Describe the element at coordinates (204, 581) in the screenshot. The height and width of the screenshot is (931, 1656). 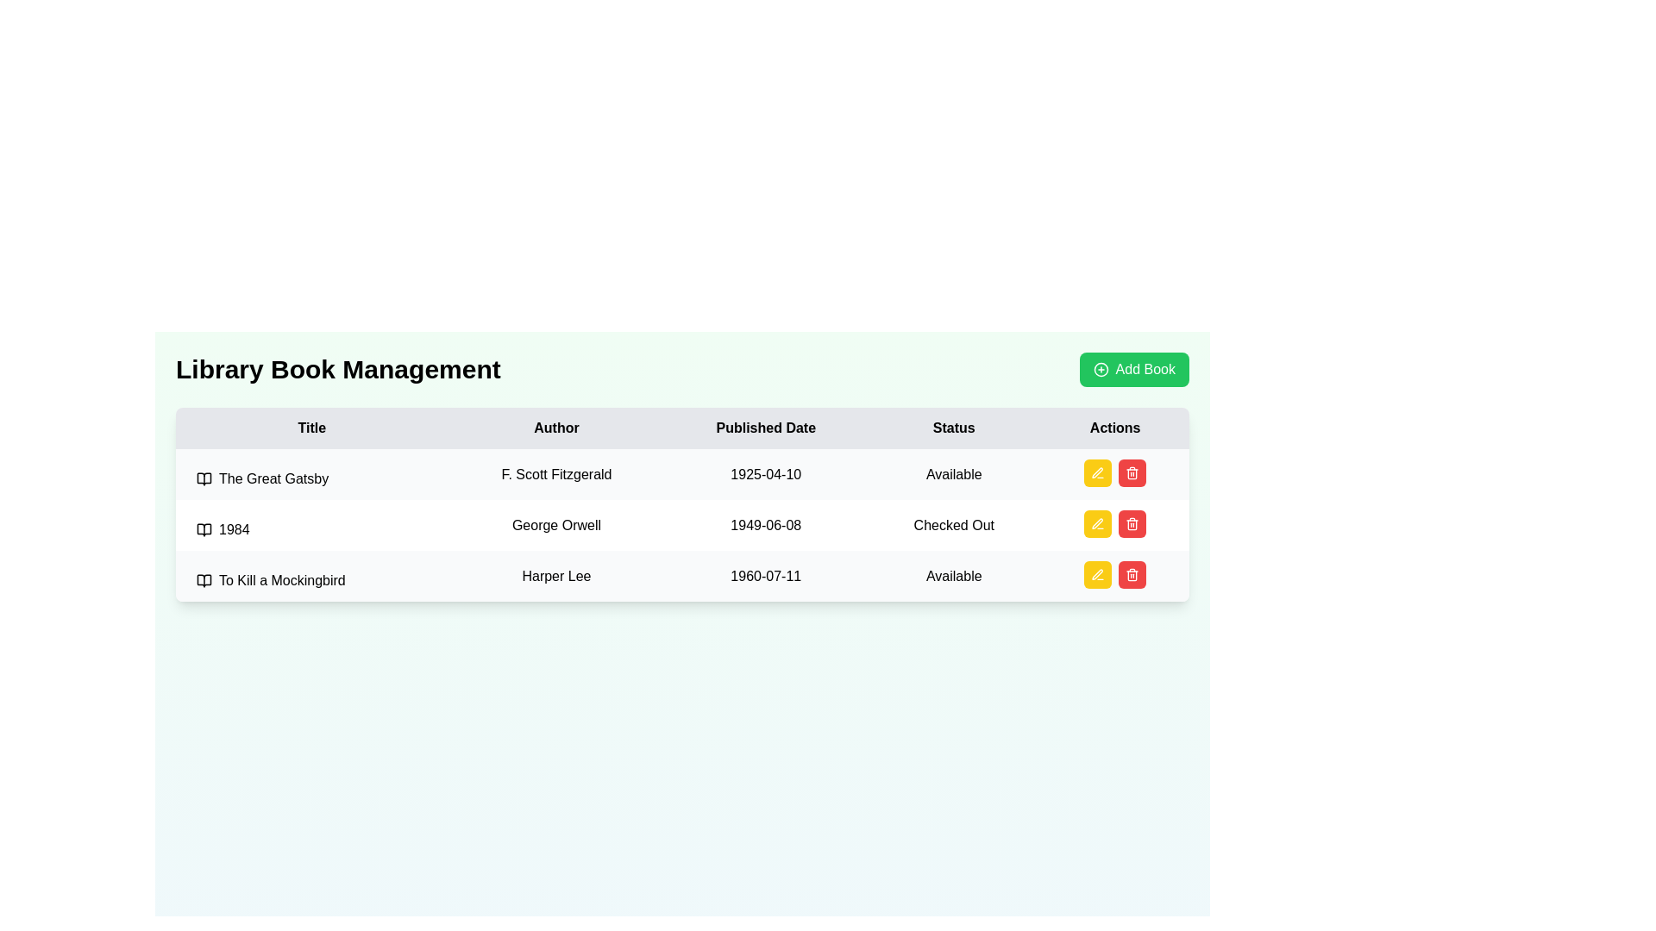
I see `the illustrative icon representing the book entry 'To Kill a Mockingbird' located in the third row of the table under the 'Title' column` at that location.